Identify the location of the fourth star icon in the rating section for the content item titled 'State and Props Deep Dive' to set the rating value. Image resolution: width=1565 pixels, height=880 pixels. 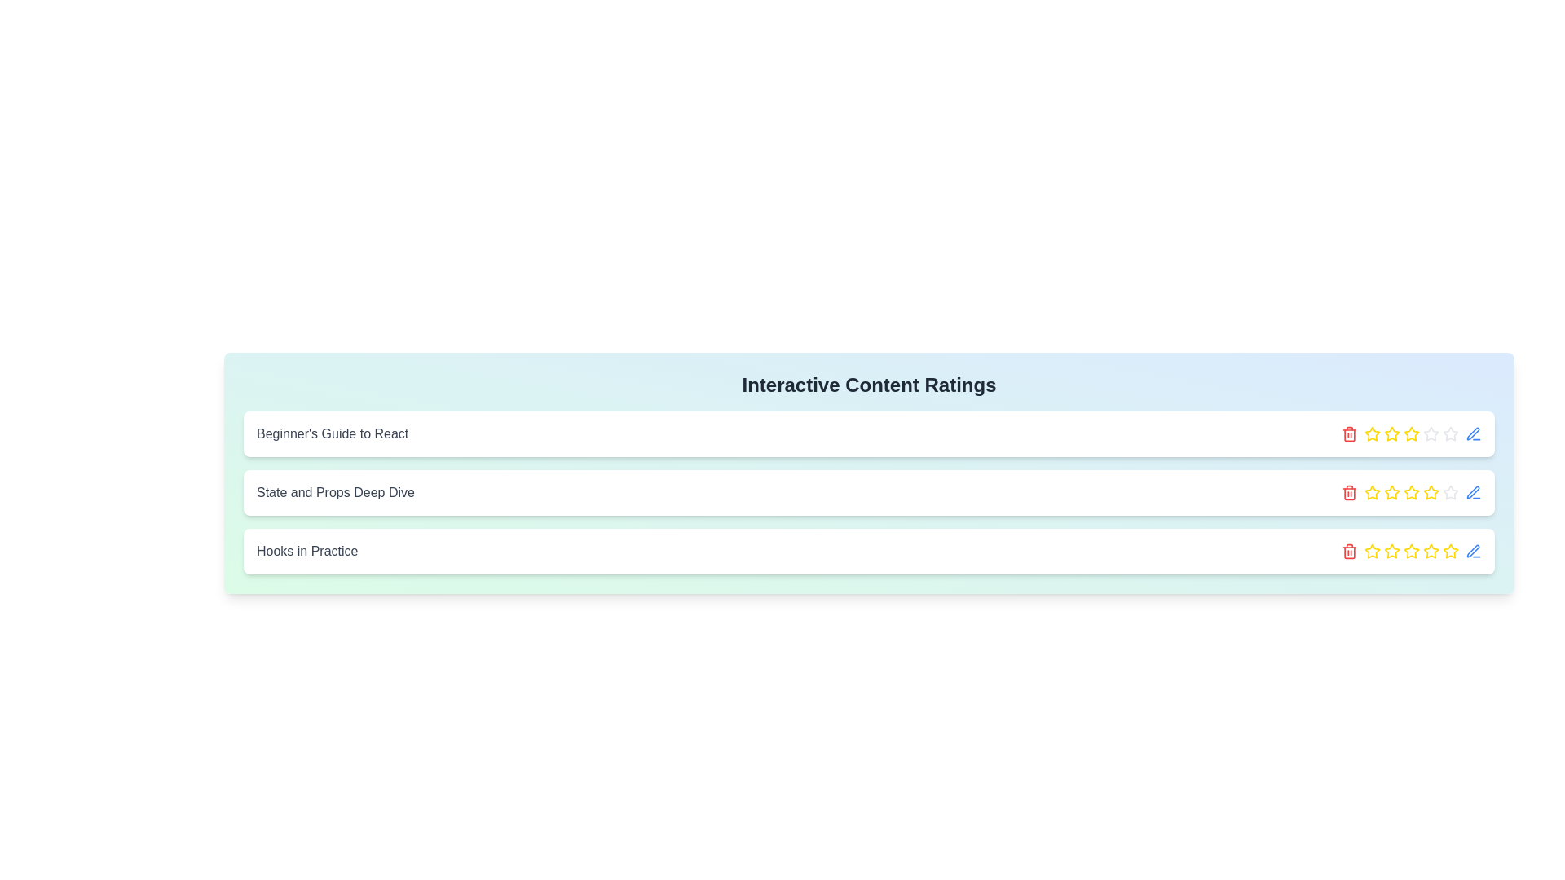
(1430, 491).